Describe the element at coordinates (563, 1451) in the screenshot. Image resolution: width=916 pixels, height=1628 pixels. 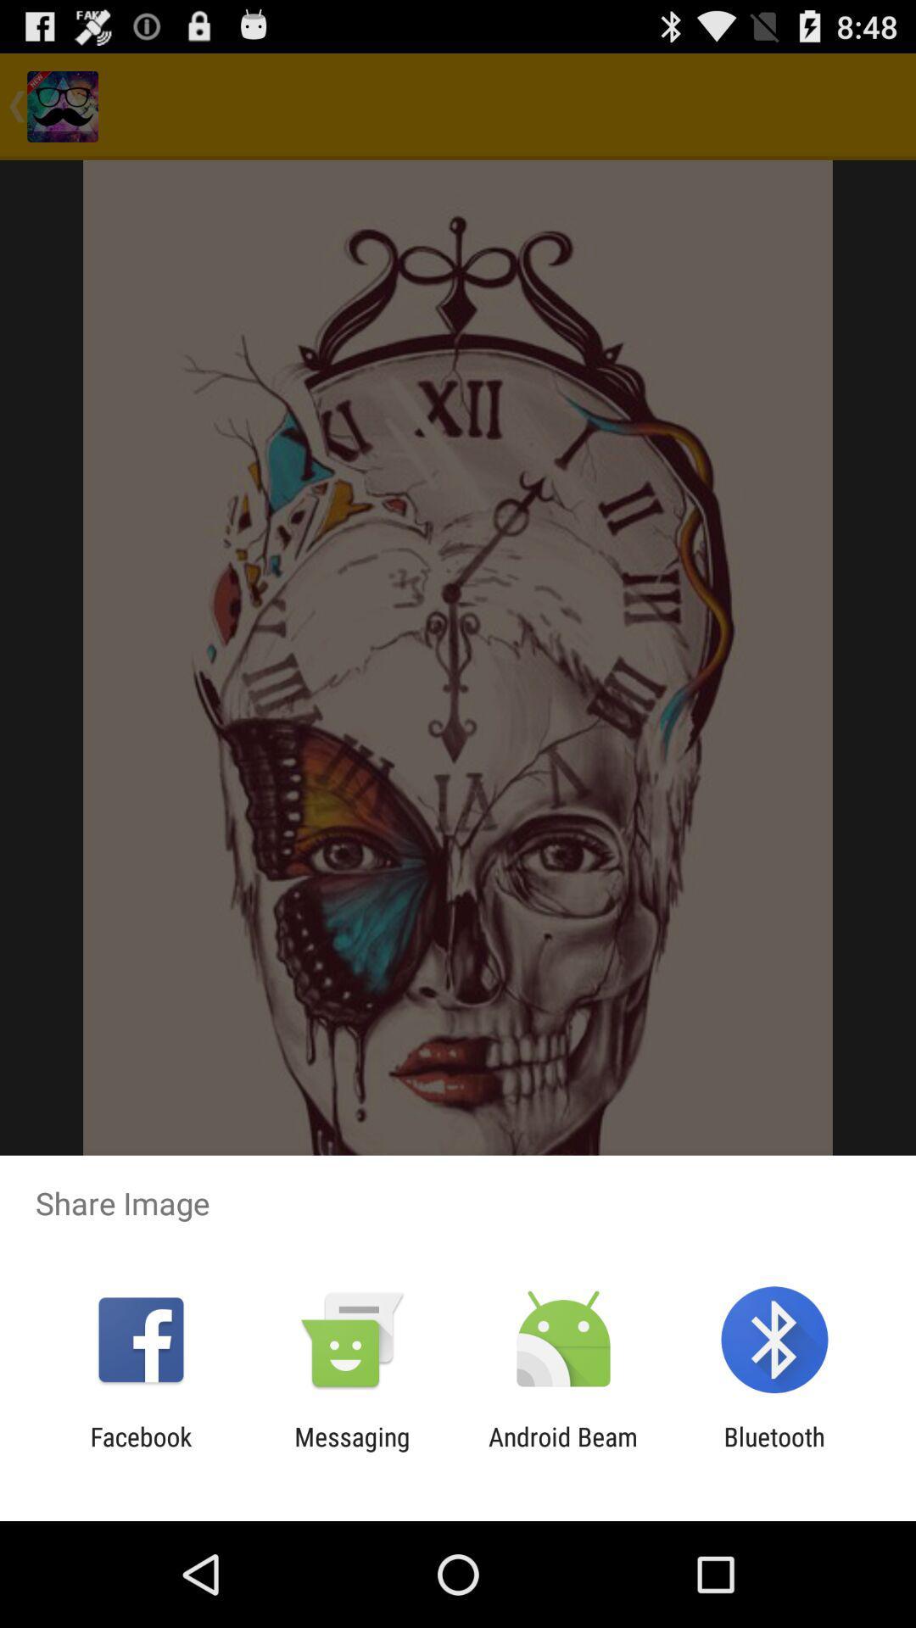
I see `the android beam item` at that location.